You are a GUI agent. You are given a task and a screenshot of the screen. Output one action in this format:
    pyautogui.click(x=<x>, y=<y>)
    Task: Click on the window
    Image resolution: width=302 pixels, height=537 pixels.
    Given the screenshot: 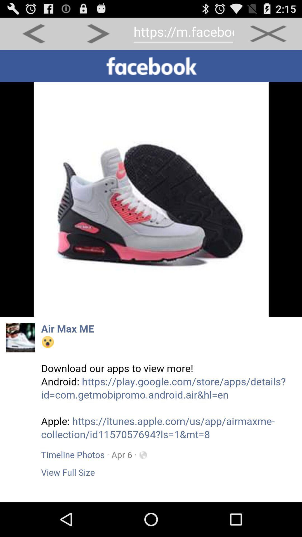 What is the action you would take?
    pyautogui.click(x=268, y=33)
    